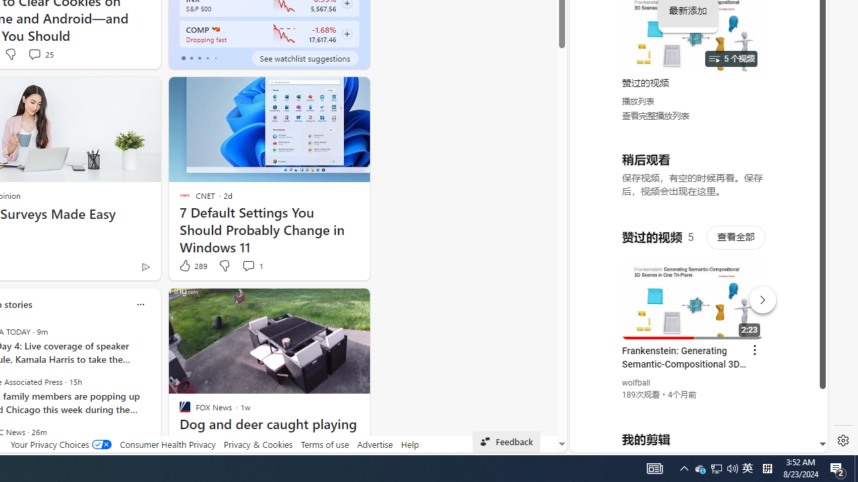  What do you see at coordinates (198, 58) in the screenshot?
I see `'tab-2'` at bounding box center [198, 58].